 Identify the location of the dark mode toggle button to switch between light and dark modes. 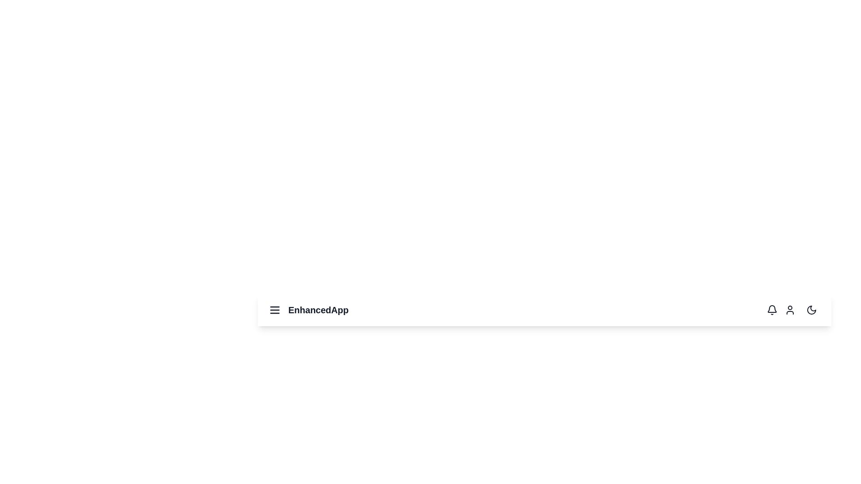
(811, 309).